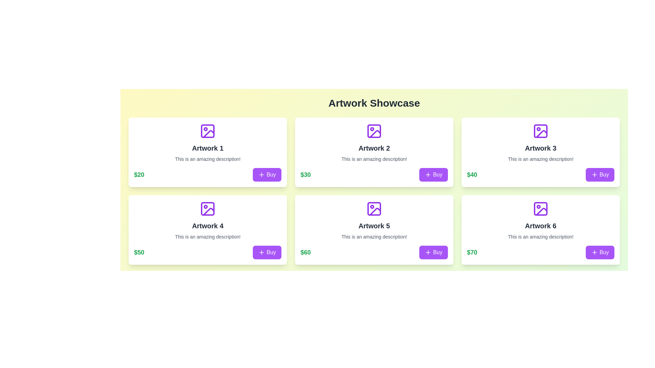  I want to click on the plus symbol icon embedded within the 'Buy' button located at the bottom-right corner of the card labeled 'Artwork 2', so click(261, 174).